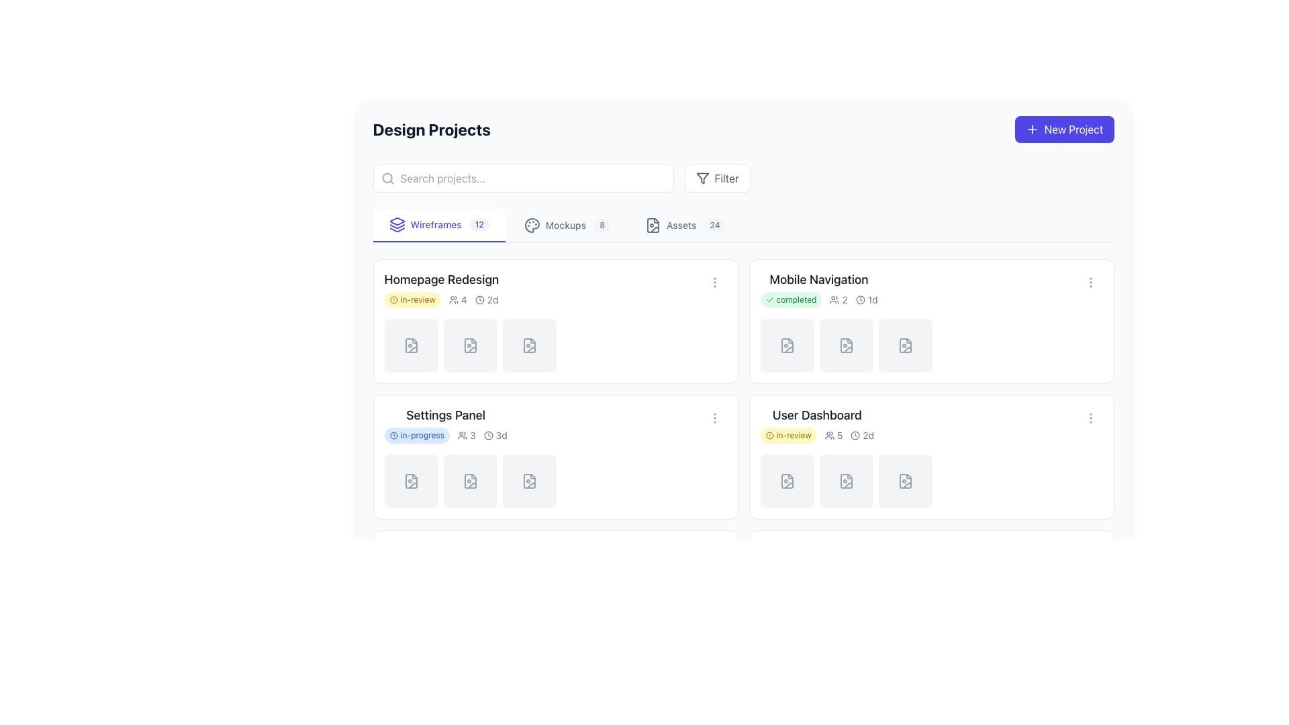 The height and width of the screenshot is (725, 1289). What do you see at coordinates (845, 481) in the screenshot?
I see `the second icon representing a document containing images` at bounding box center [845, 481].